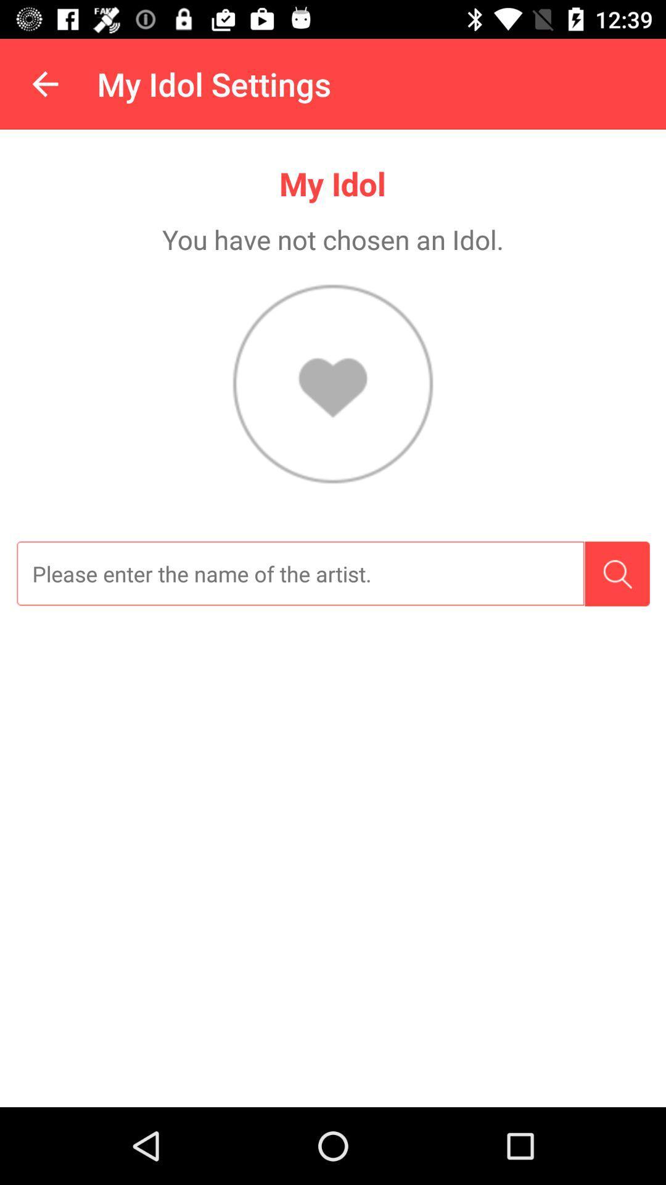 The height and width of the screenshot is (1185, 666). I want to click on the item at the center, so click(300, 573).